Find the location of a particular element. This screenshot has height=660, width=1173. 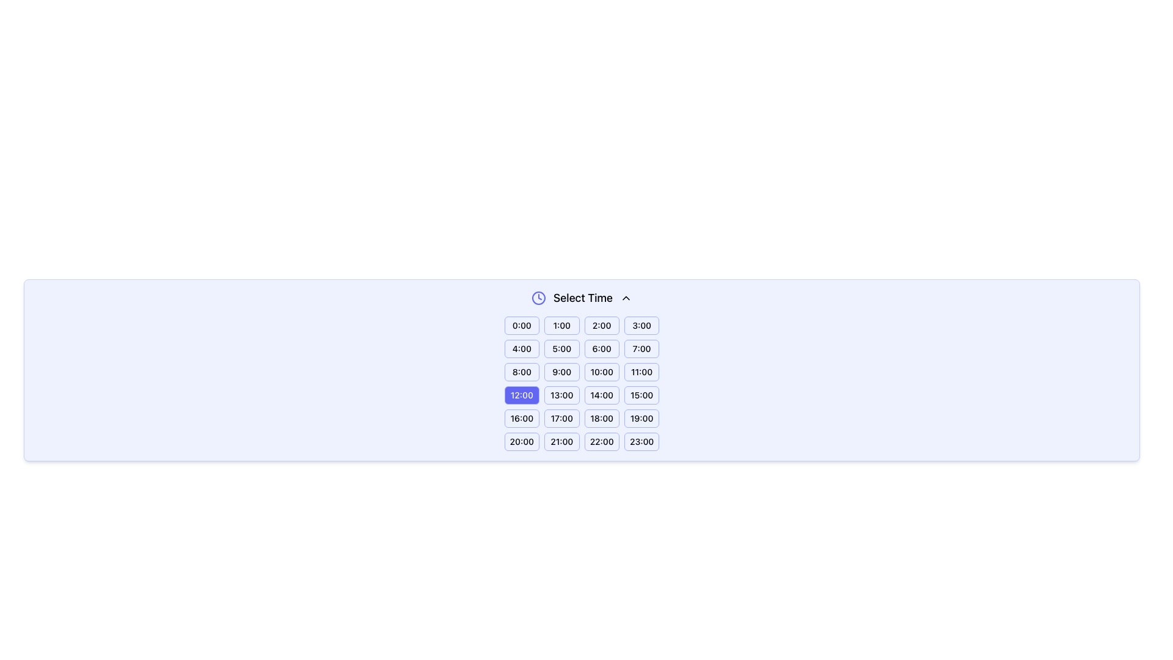

the time selection button labeled '16:00', which is located in the fifth row, first column of the grid layout, beneath the '15:00' button and to the left of the '17:00' button is located at coordinates (522, 418).